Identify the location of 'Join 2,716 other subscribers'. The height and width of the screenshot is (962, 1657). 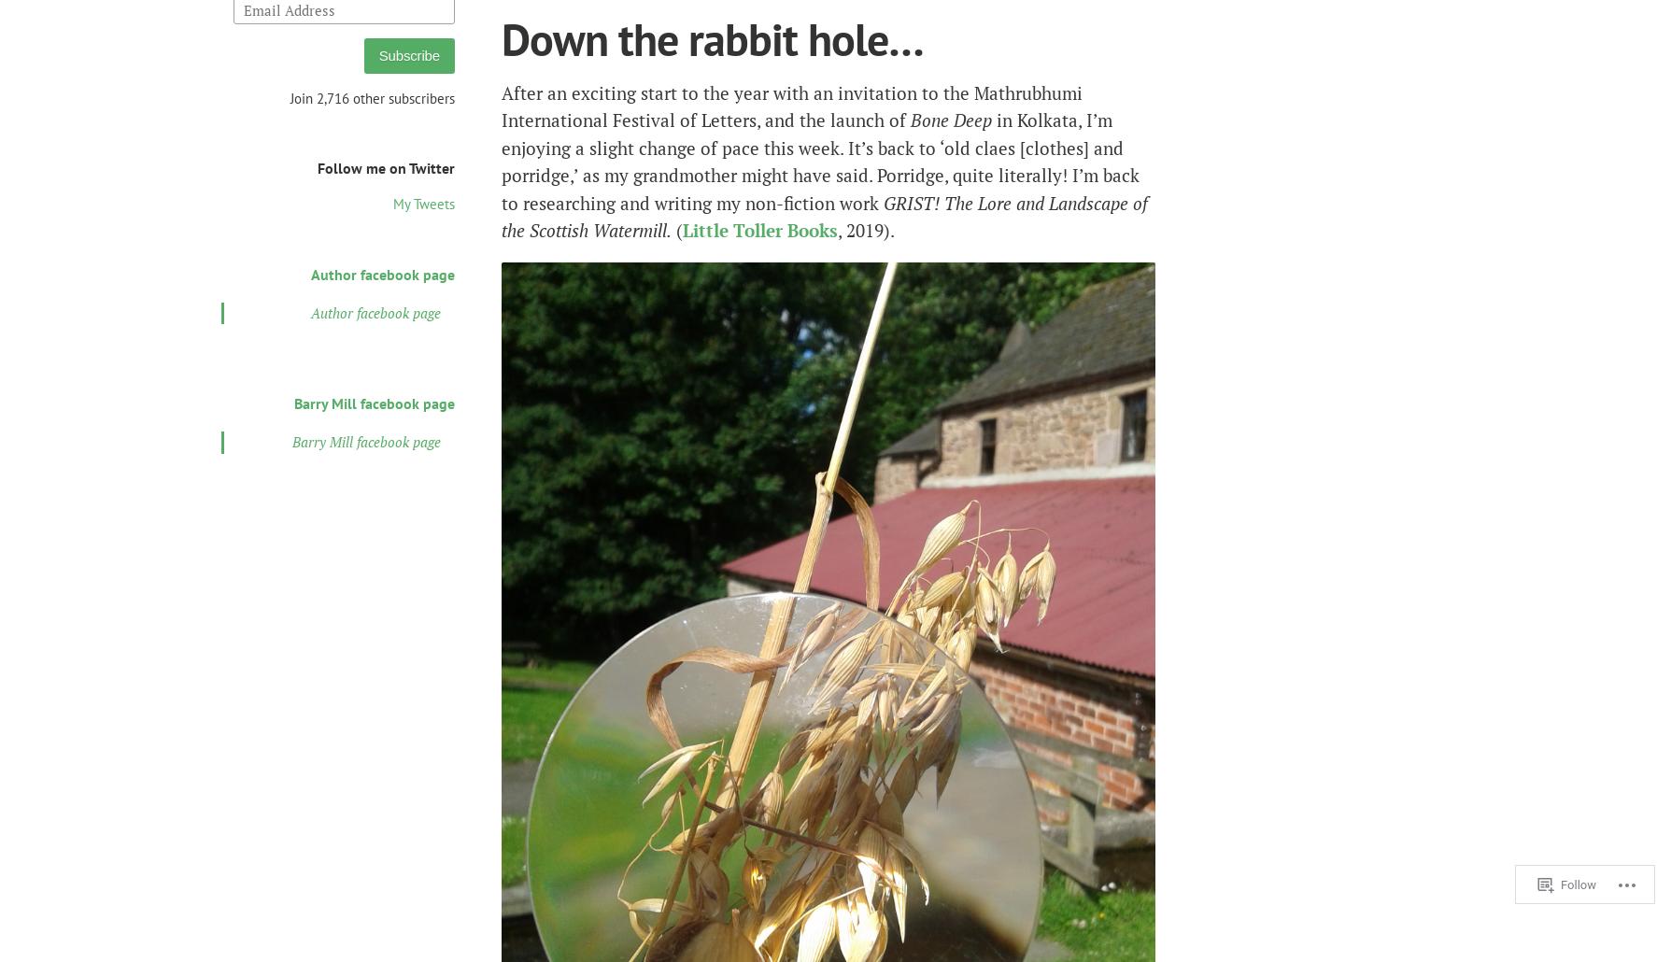
(371, 96).